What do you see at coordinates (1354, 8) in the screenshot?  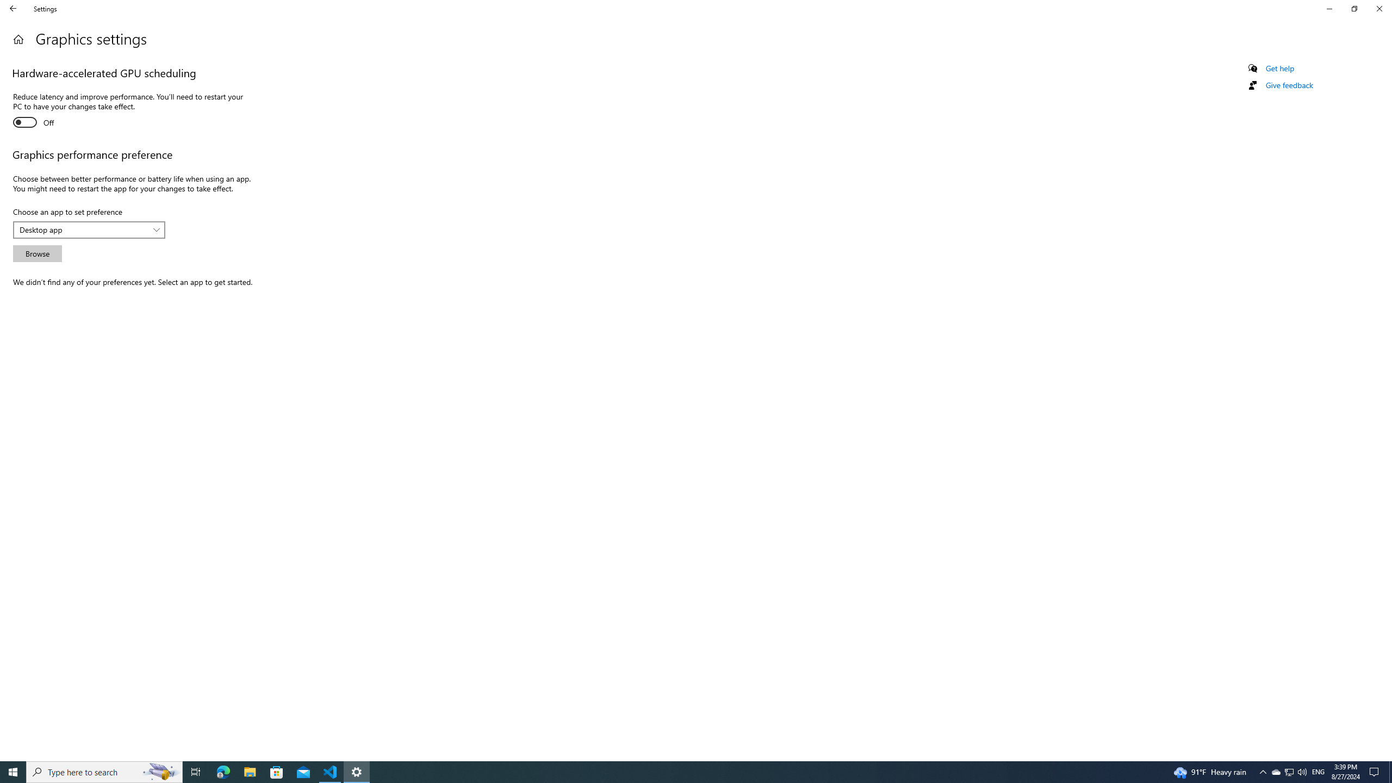 I see `'Restore Settings'` at bounding box center [1354, 8].